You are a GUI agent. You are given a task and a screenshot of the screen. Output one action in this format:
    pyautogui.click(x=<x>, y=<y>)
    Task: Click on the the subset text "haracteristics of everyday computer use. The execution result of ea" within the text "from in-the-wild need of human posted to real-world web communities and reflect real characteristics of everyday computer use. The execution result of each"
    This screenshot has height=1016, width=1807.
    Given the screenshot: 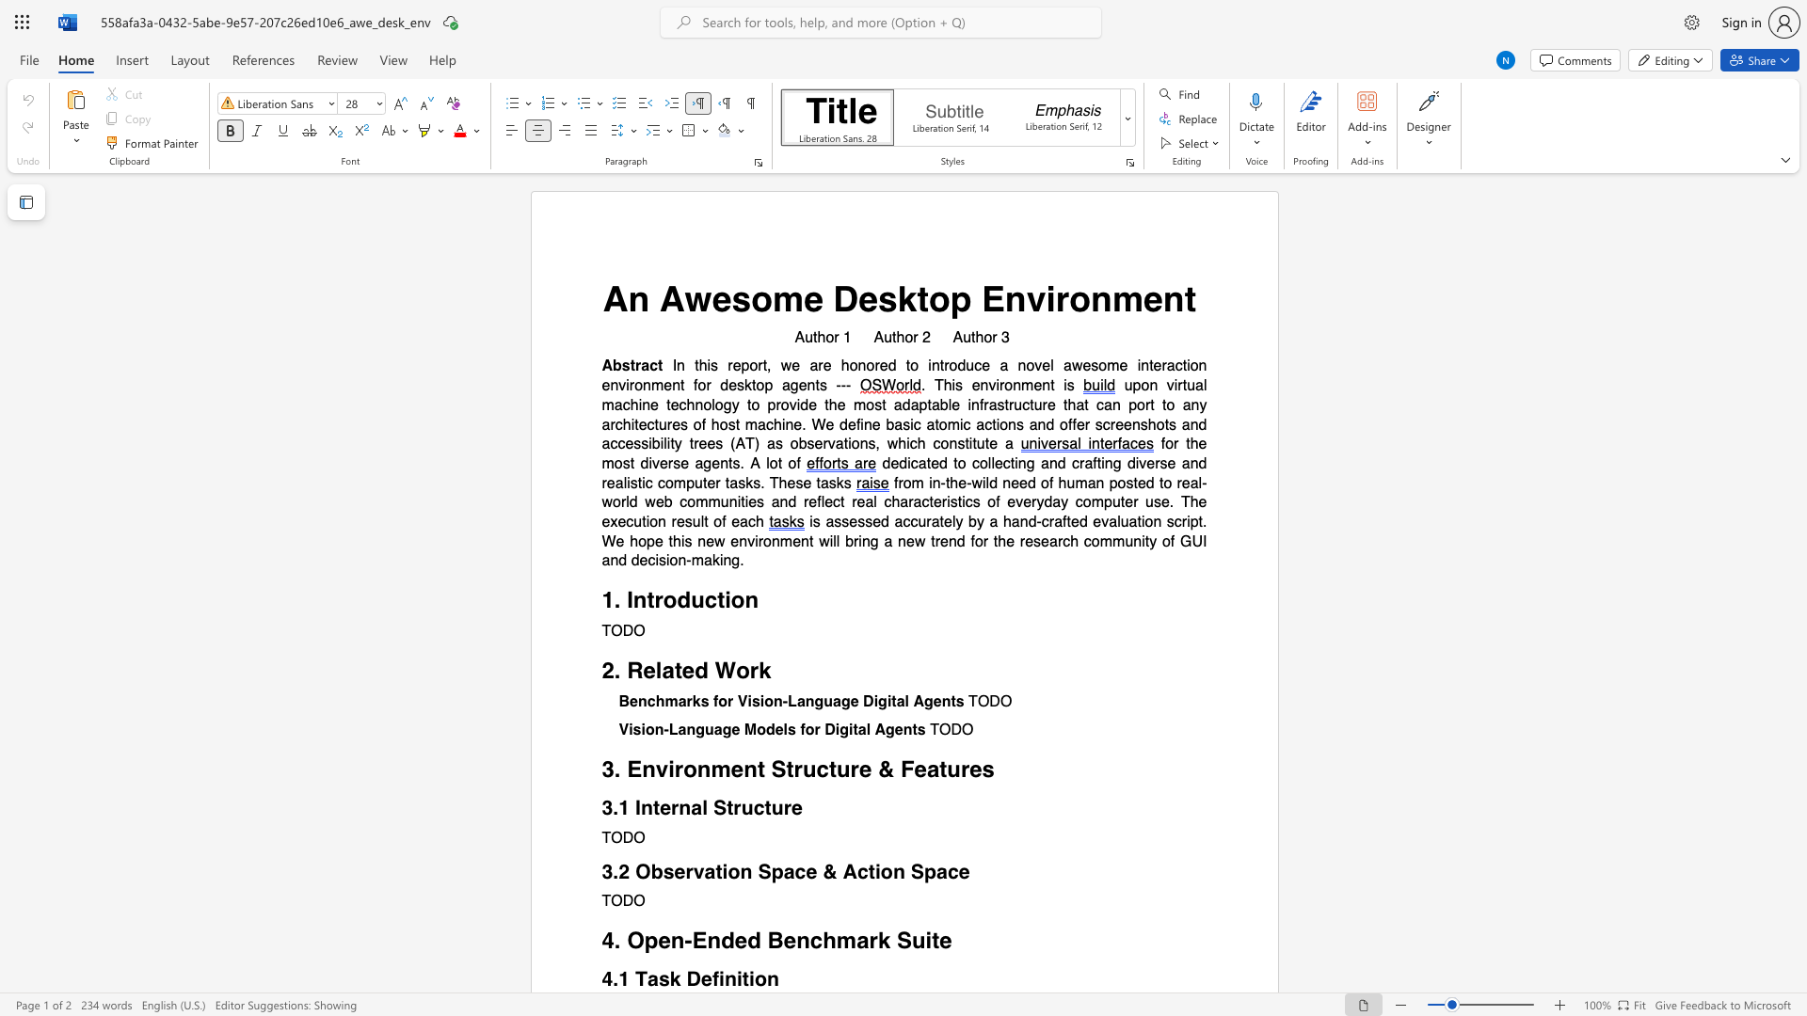 What is the action you would take?
    pyautogui.click(x=890, y=501)
    